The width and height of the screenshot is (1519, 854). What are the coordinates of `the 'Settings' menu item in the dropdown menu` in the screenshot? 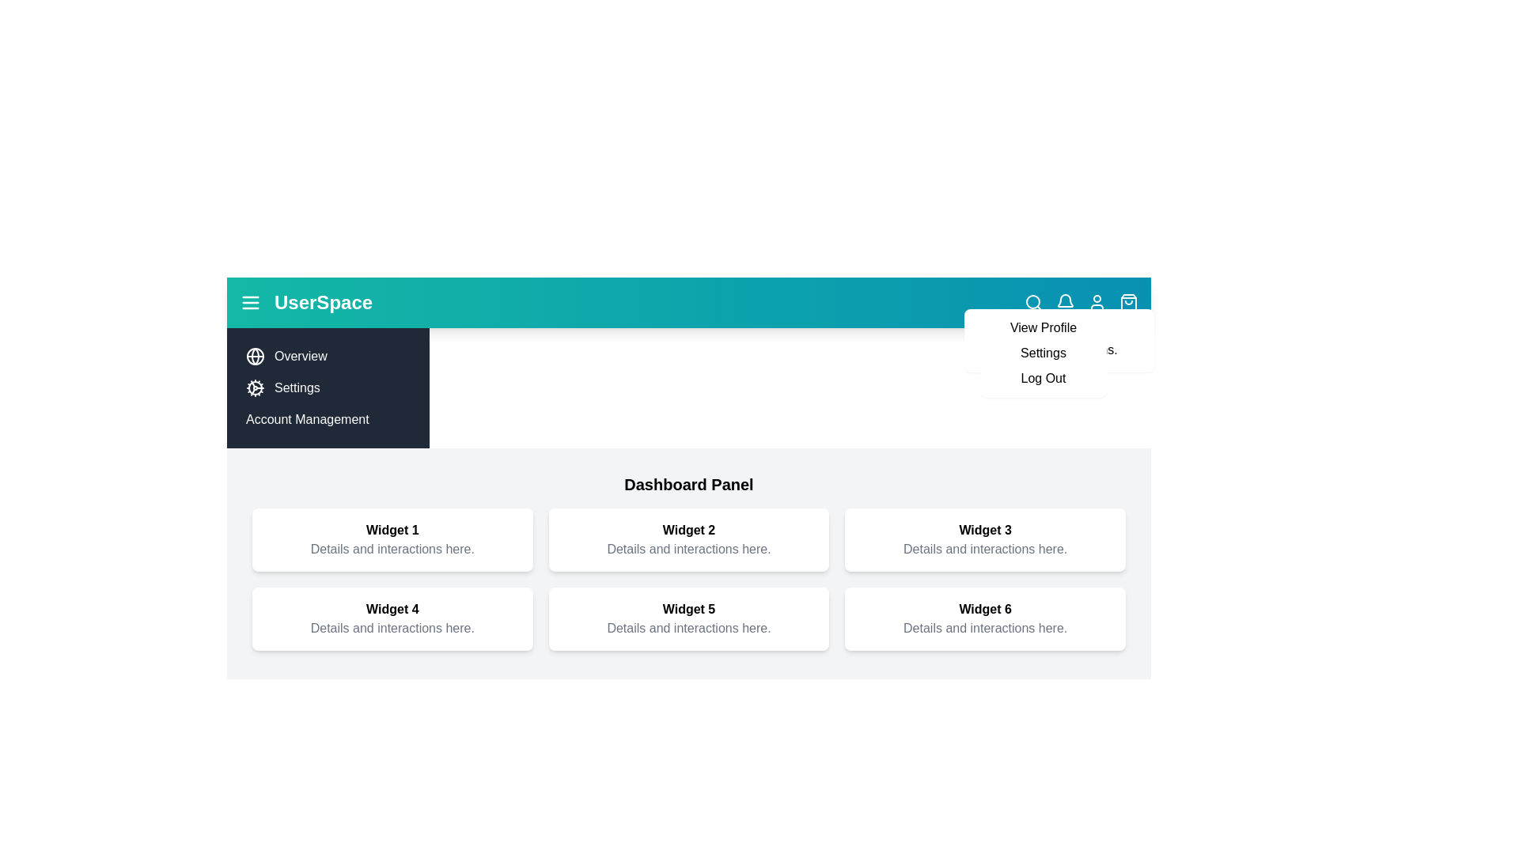 It's located at (1044, 353).